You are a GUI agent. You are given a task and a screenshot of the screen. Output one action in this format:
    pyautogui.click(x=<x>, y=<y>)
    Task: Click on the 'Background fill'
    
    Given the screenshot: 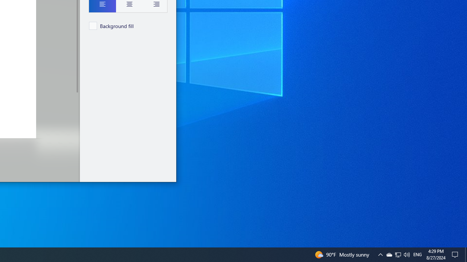 What is the action you would take?
    pyautogui.click(x=111, y=25)
    